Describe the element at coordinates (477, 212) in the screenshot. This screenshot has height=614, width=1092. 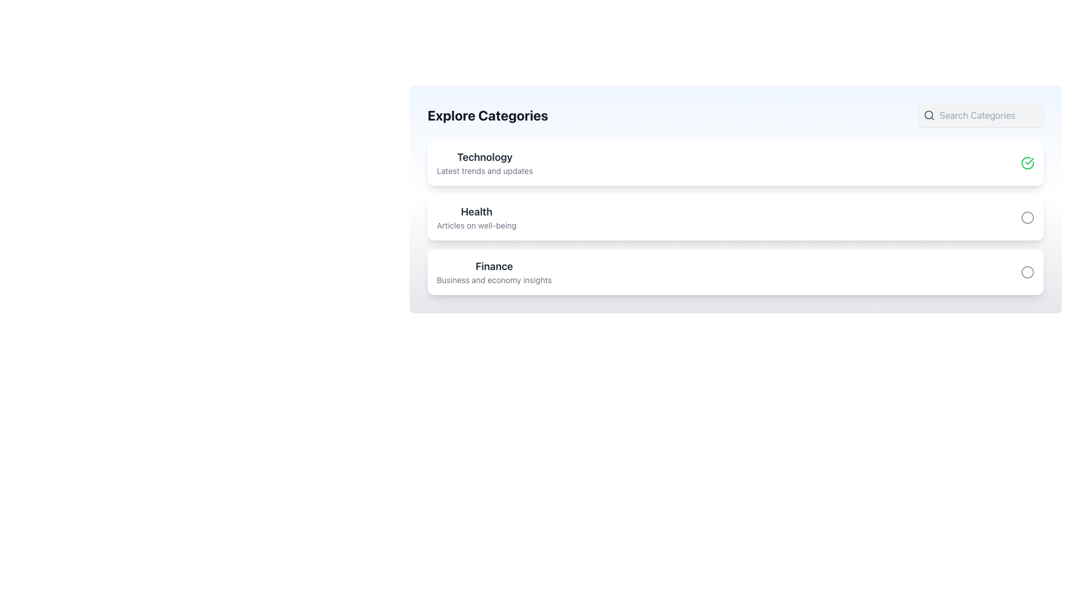
I see `title text of the main label positioned above the subheading 'Articles on well-being' in the second card of the scrollable list under 'Explore Categories'` at that location.